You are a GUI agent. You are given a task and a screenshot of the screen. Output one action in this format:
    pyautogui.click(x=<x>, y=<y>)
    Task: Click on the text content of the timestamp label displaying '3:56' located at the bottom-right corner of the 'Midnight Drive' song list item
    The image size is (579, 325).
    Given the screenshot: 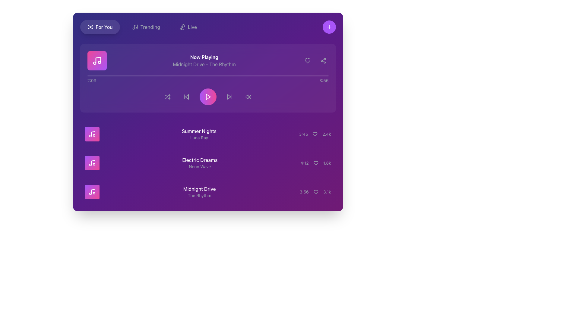 What is the action you would take?
    pyautogui.click(x=304, y=192)
    